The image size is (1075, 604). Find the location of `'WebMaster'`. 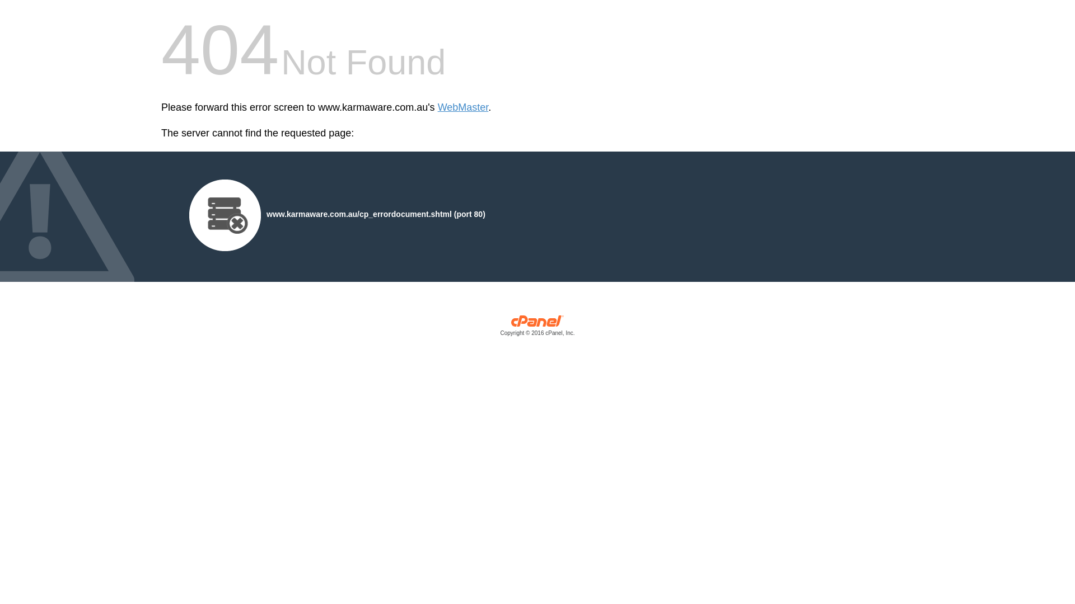

'WebMaster' is located at coordinates (463, 107).